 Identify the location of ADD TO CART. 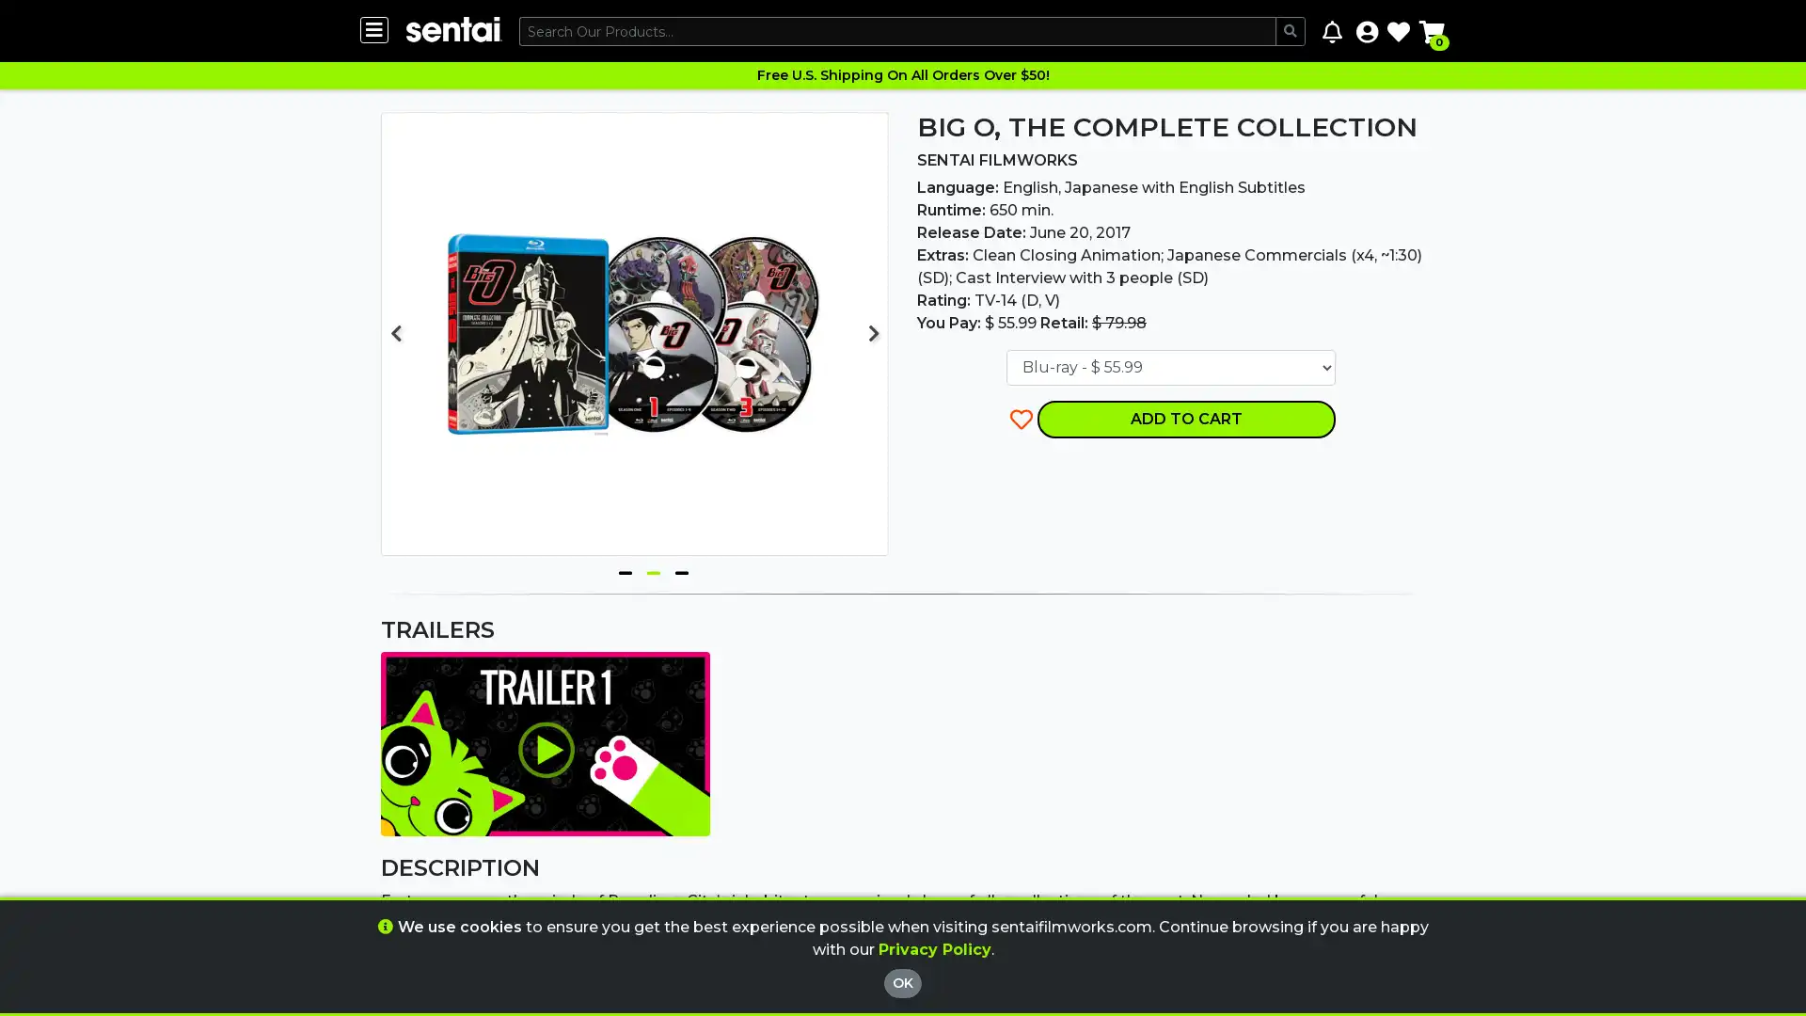
(1185, 417).